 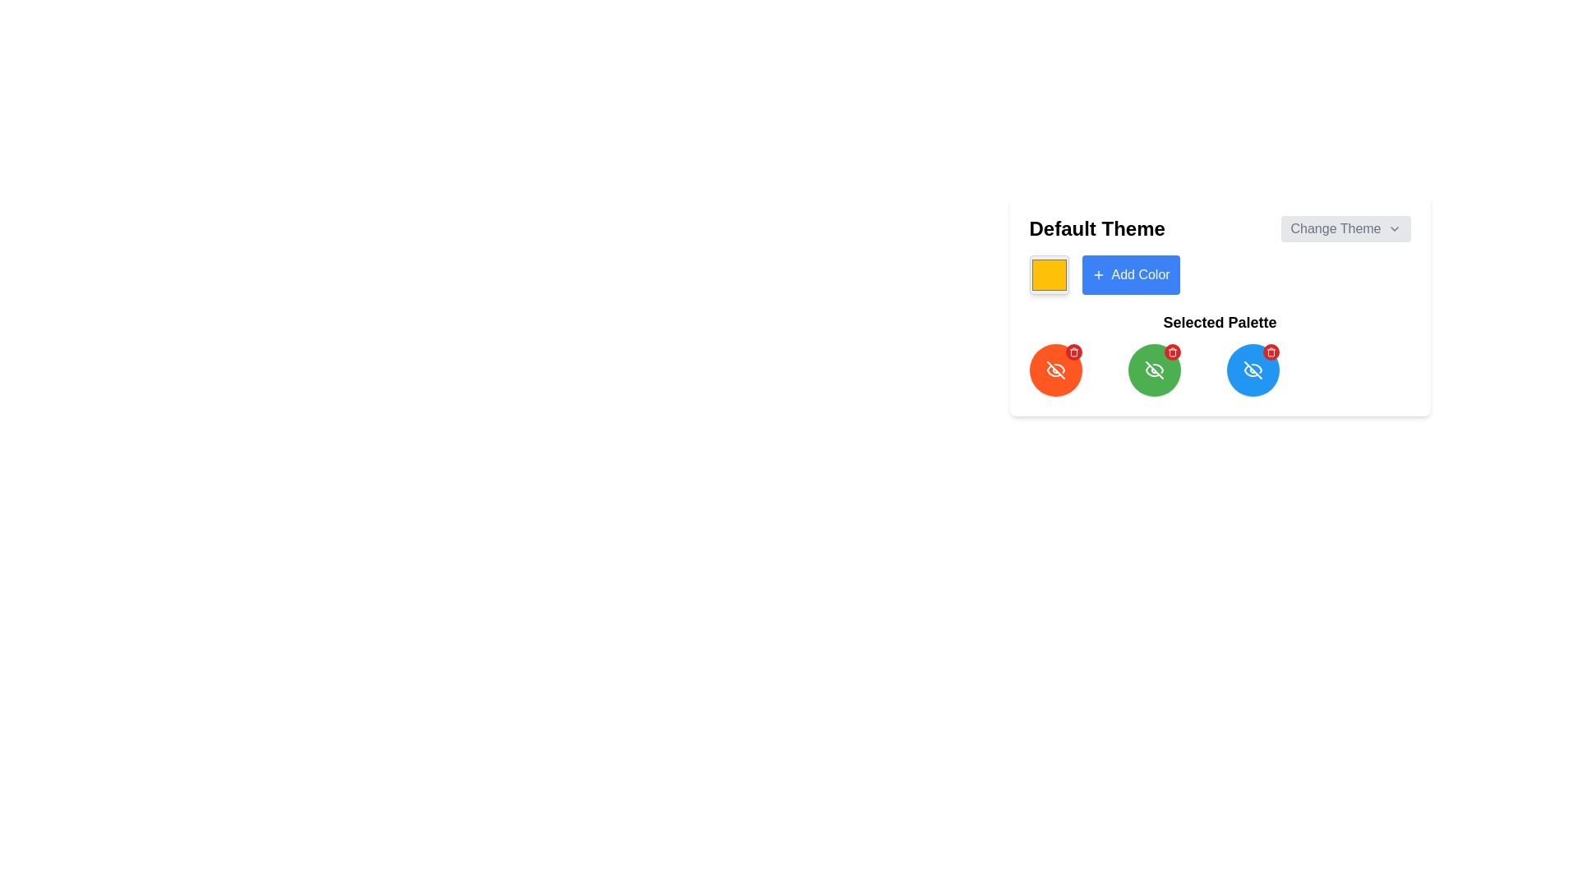 What do you see at coordinates (1153, 370) in the screenshot?
I see `the eye-off icon within the 'Selected Palette' section, which is the green circular icon located` at bounding box center [1153, 370].